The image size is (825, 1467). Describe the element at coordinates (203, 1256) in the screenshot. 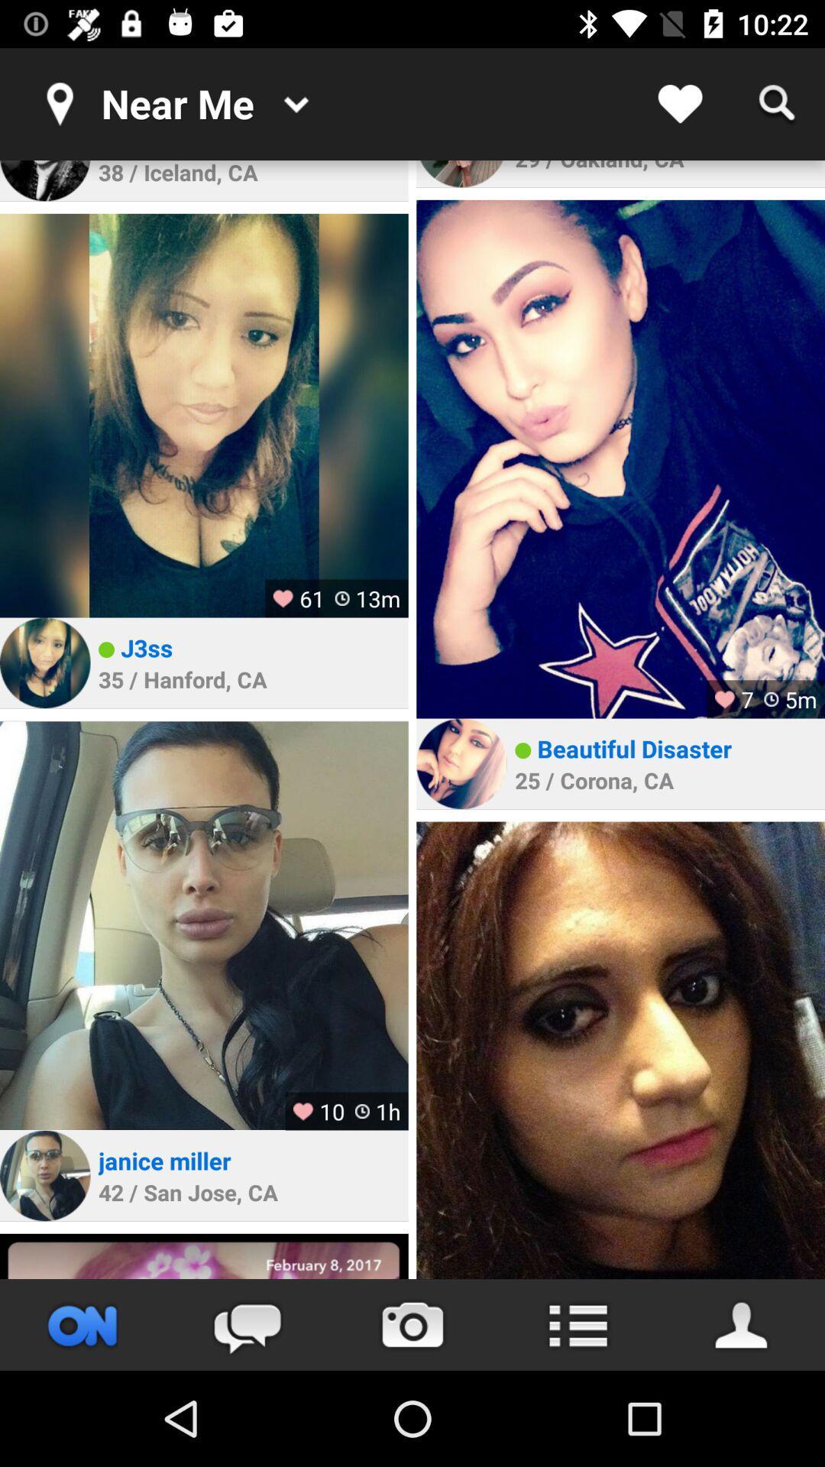

I see `picture` at that location.